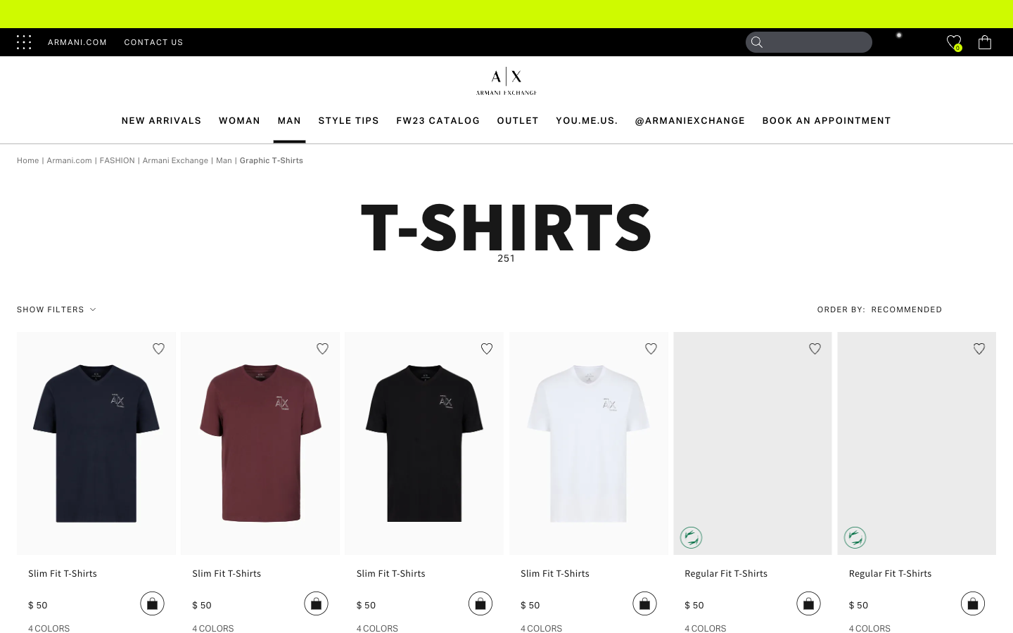 The width and height of the screenshot is (1013, 633). What do you see at coordinates (517, 120) in the screenshot?
I see `the tab named "outlet" by clicking on it at the top` at bounding box center [517, 120].